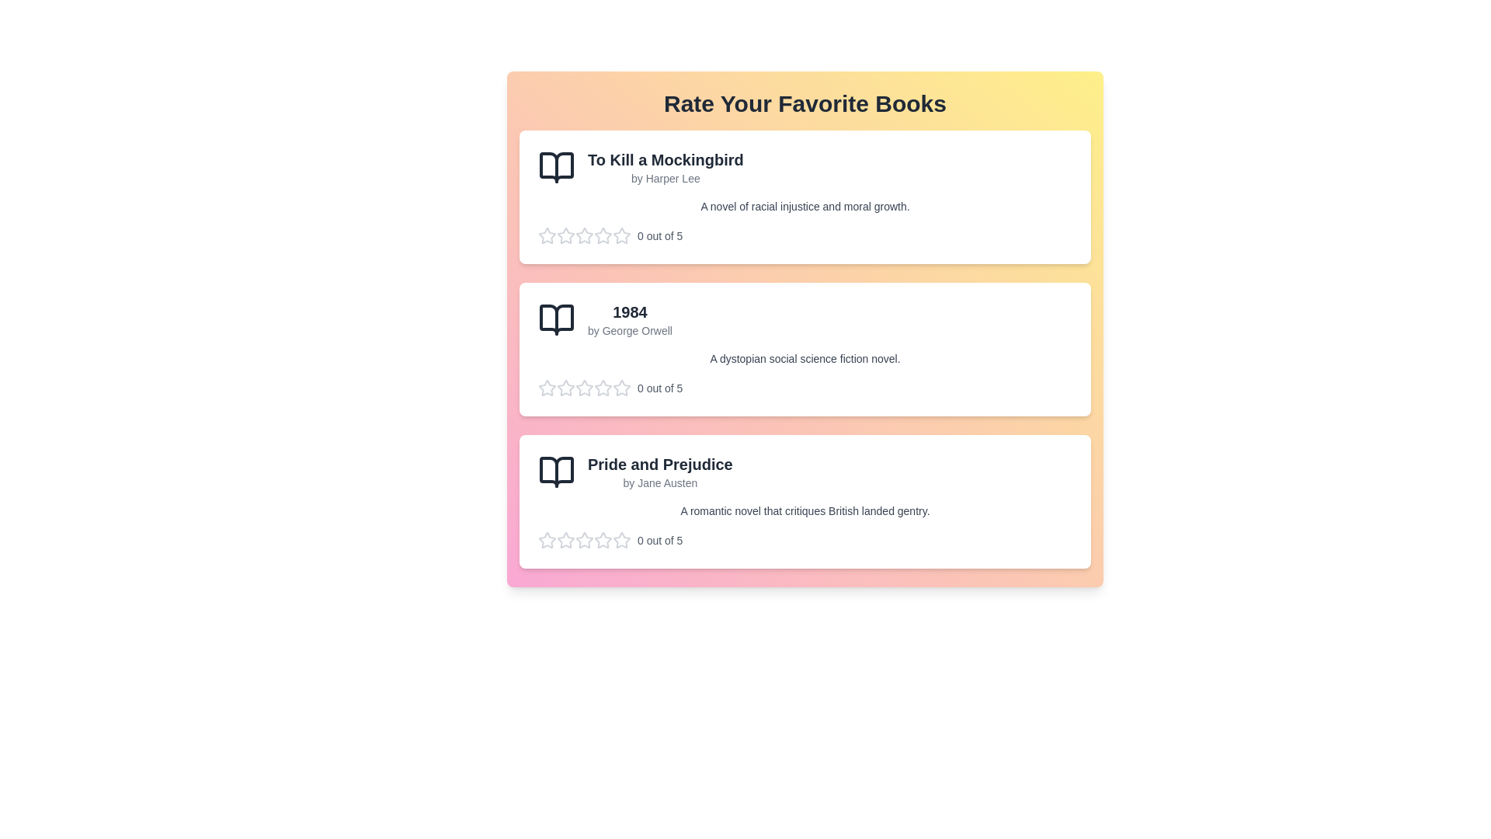  Describe the element at coordinates (805, 206) in the screenshot. I see `the Text block that displays additional descriptive information about the book 'To Kill a Mockingbird', located directly below the title and author information within the first card of a list layout` at that location.